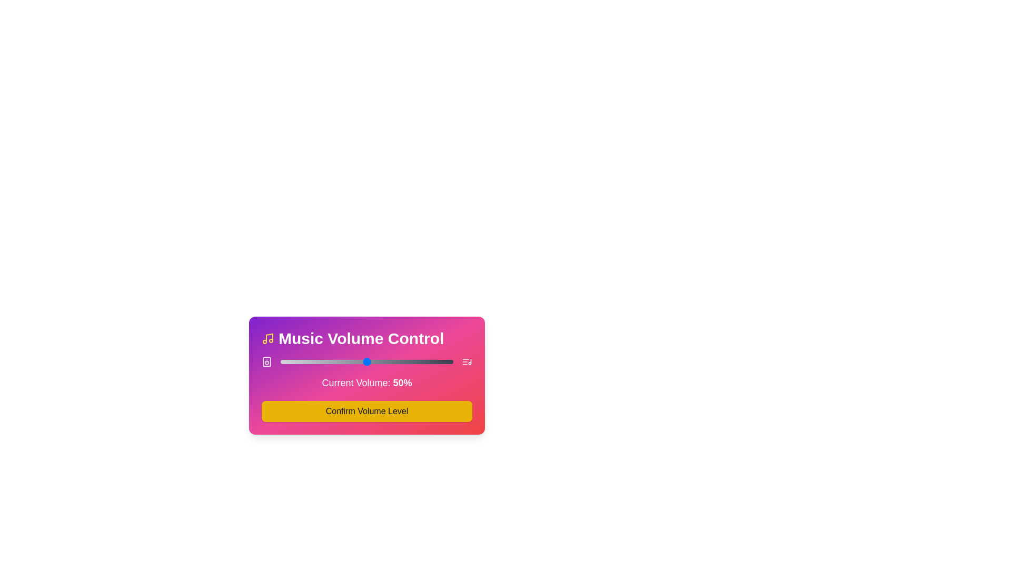 The image size is (1011, 569). What do you see at coordinates (366, 410) in the screenshot?
I see `'Confirm Volume Level' button to confirm the current volume` at bounding box center [366, 410].